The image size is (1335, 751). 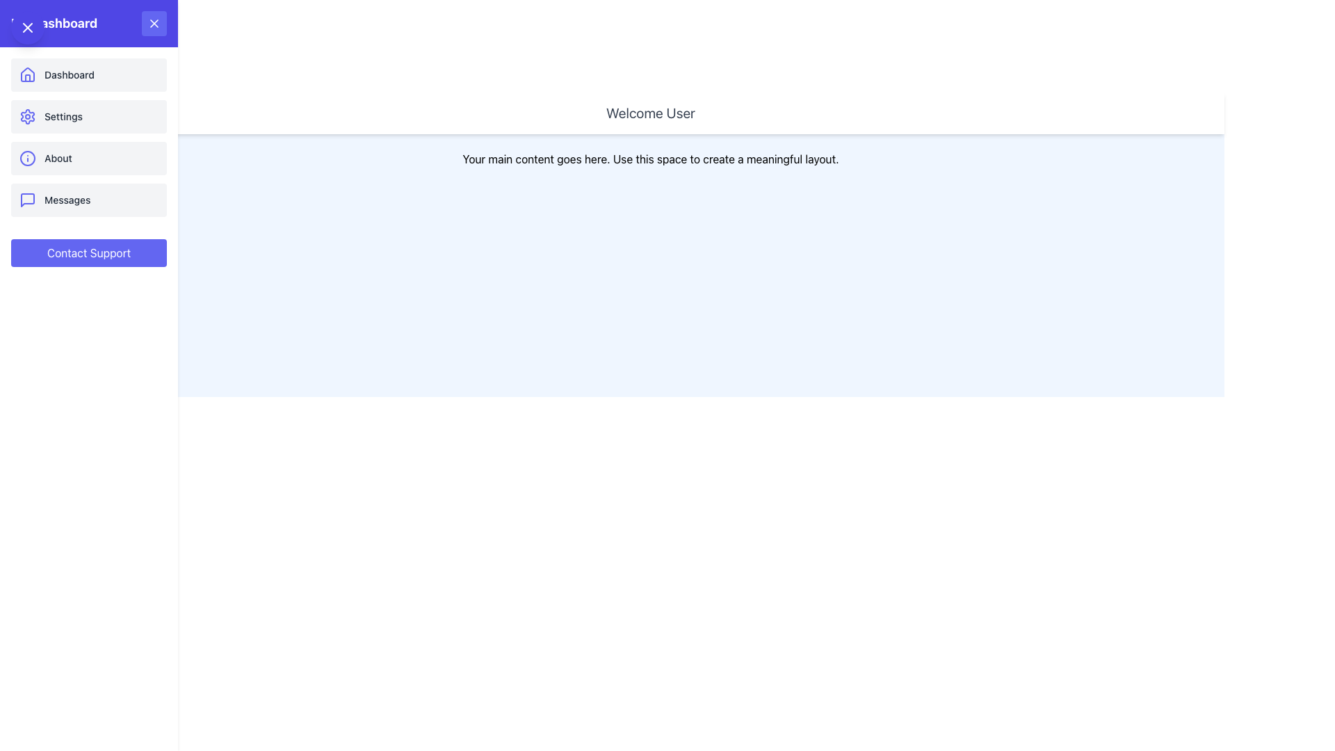 What do you see at coordinates (88, 200) in the screenshot?
I see `the 'Messages' navigation button located in the left sidebar, which is the fourth item in the list, to change its background and text color` at bounding box center [88, 200].